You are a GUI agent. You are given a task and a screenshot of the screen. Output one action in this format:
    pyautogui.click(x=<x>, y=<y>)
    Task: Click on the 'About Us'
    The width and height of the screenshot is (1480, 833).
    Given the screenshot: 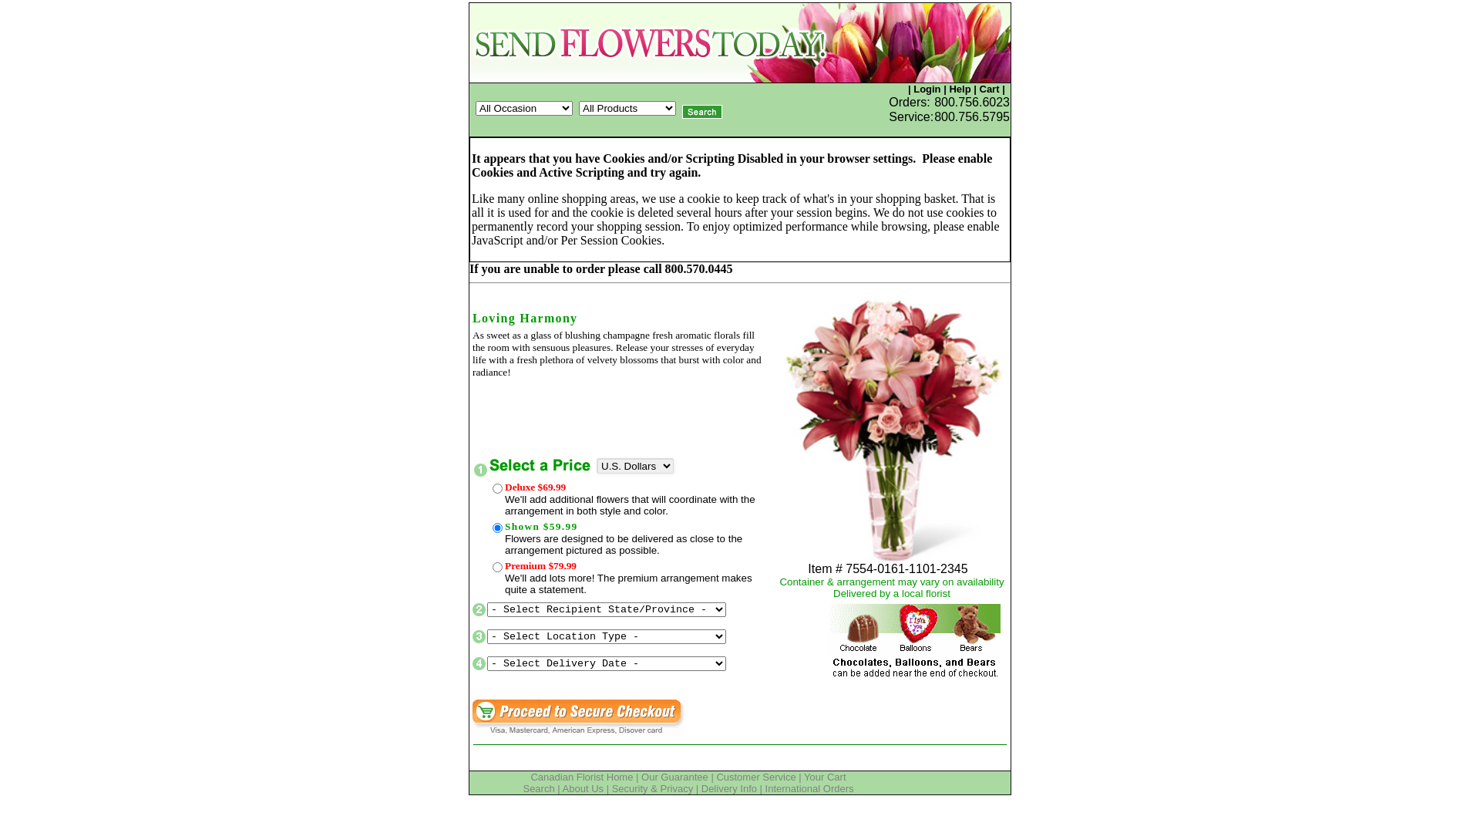 What is the action you would take?
    pyautogui.click(x=582, y=788)
    